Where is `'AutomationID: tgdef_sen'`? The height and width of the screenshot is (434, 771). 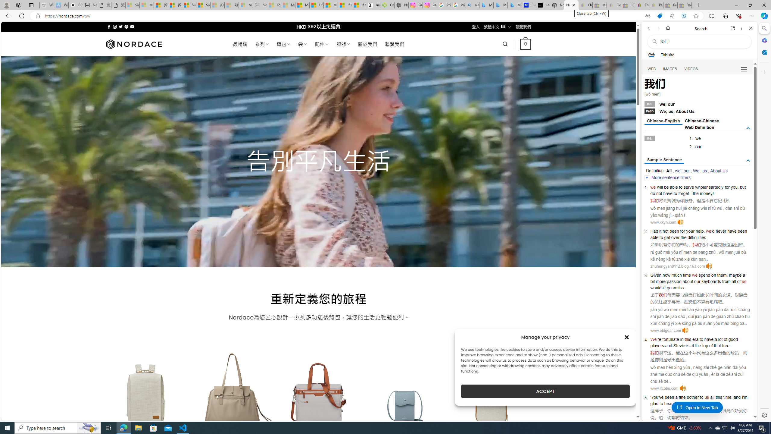
'AutomationID: tgdef_sen' is located at coordinates (748, 160).